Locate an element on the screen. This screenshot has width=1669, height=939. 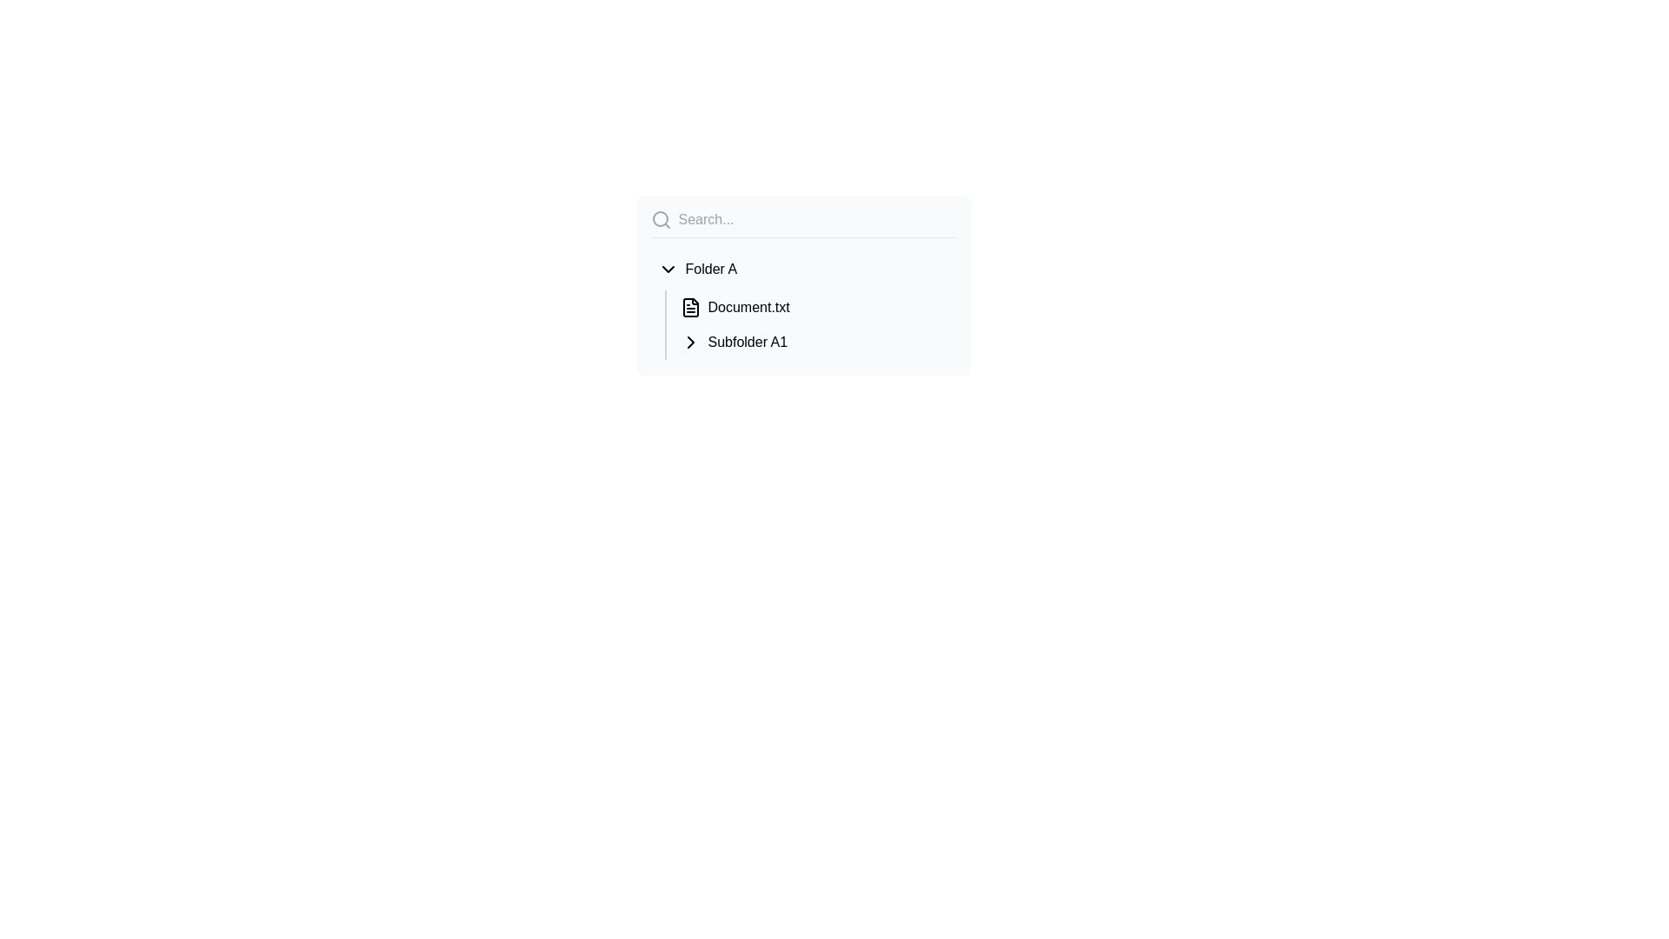
the text label displaying 'Subfolder A1' is located at coordinates (748, 342).